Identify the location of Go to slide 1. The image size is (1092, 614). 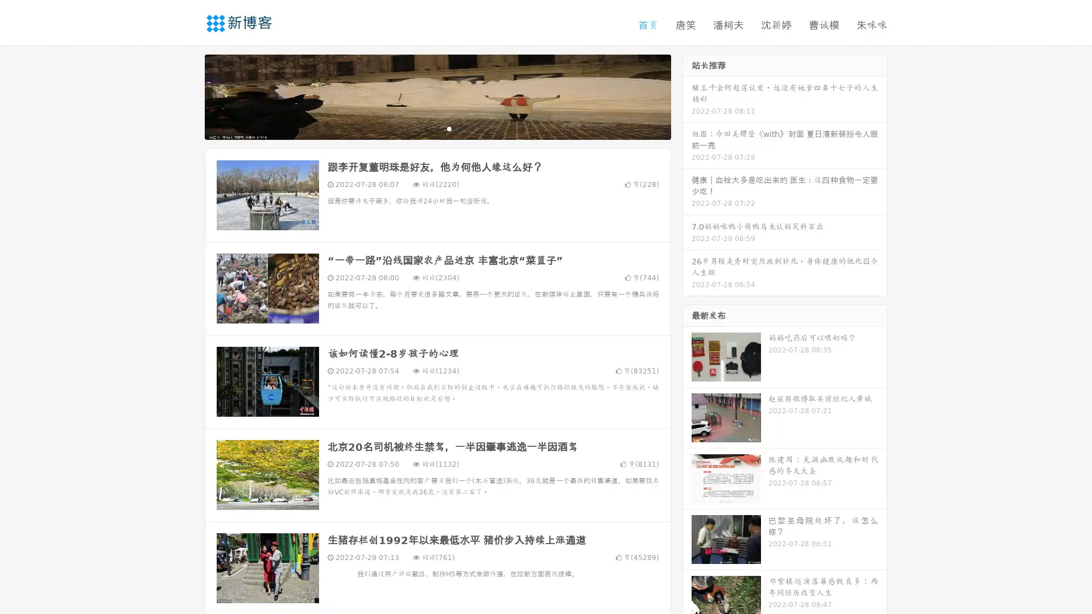
(425, 128).